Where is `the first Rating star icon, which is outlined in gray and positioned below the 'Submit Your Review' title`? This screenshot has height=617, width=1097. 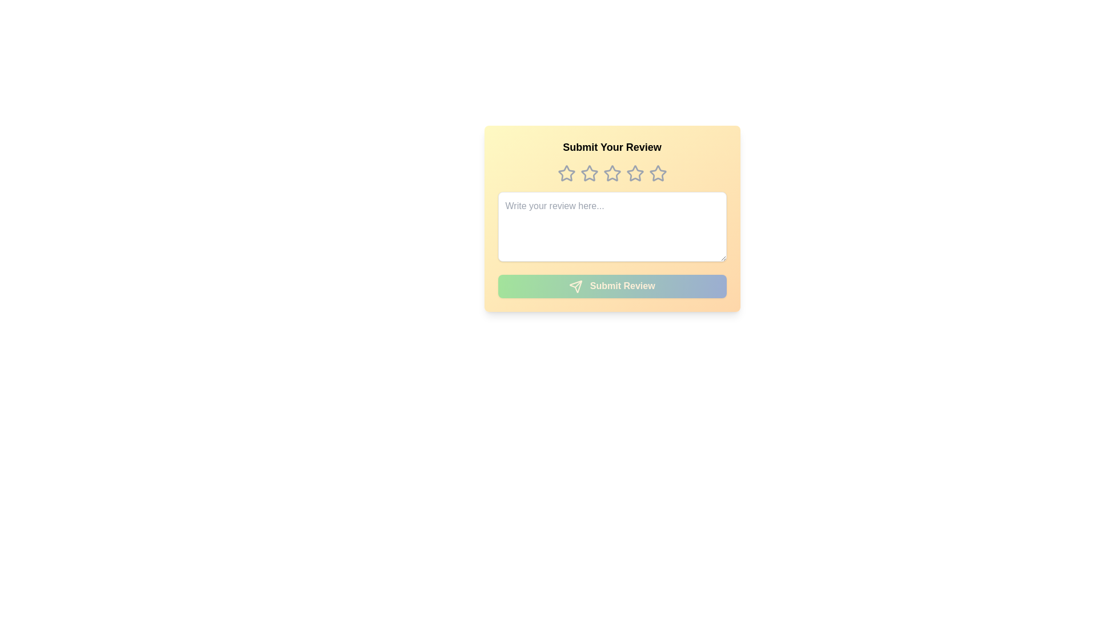 the first Rating star icon, which is outlined in gray and positioned below the 'Submit Your Review' title is located at coordinates (566, 174).